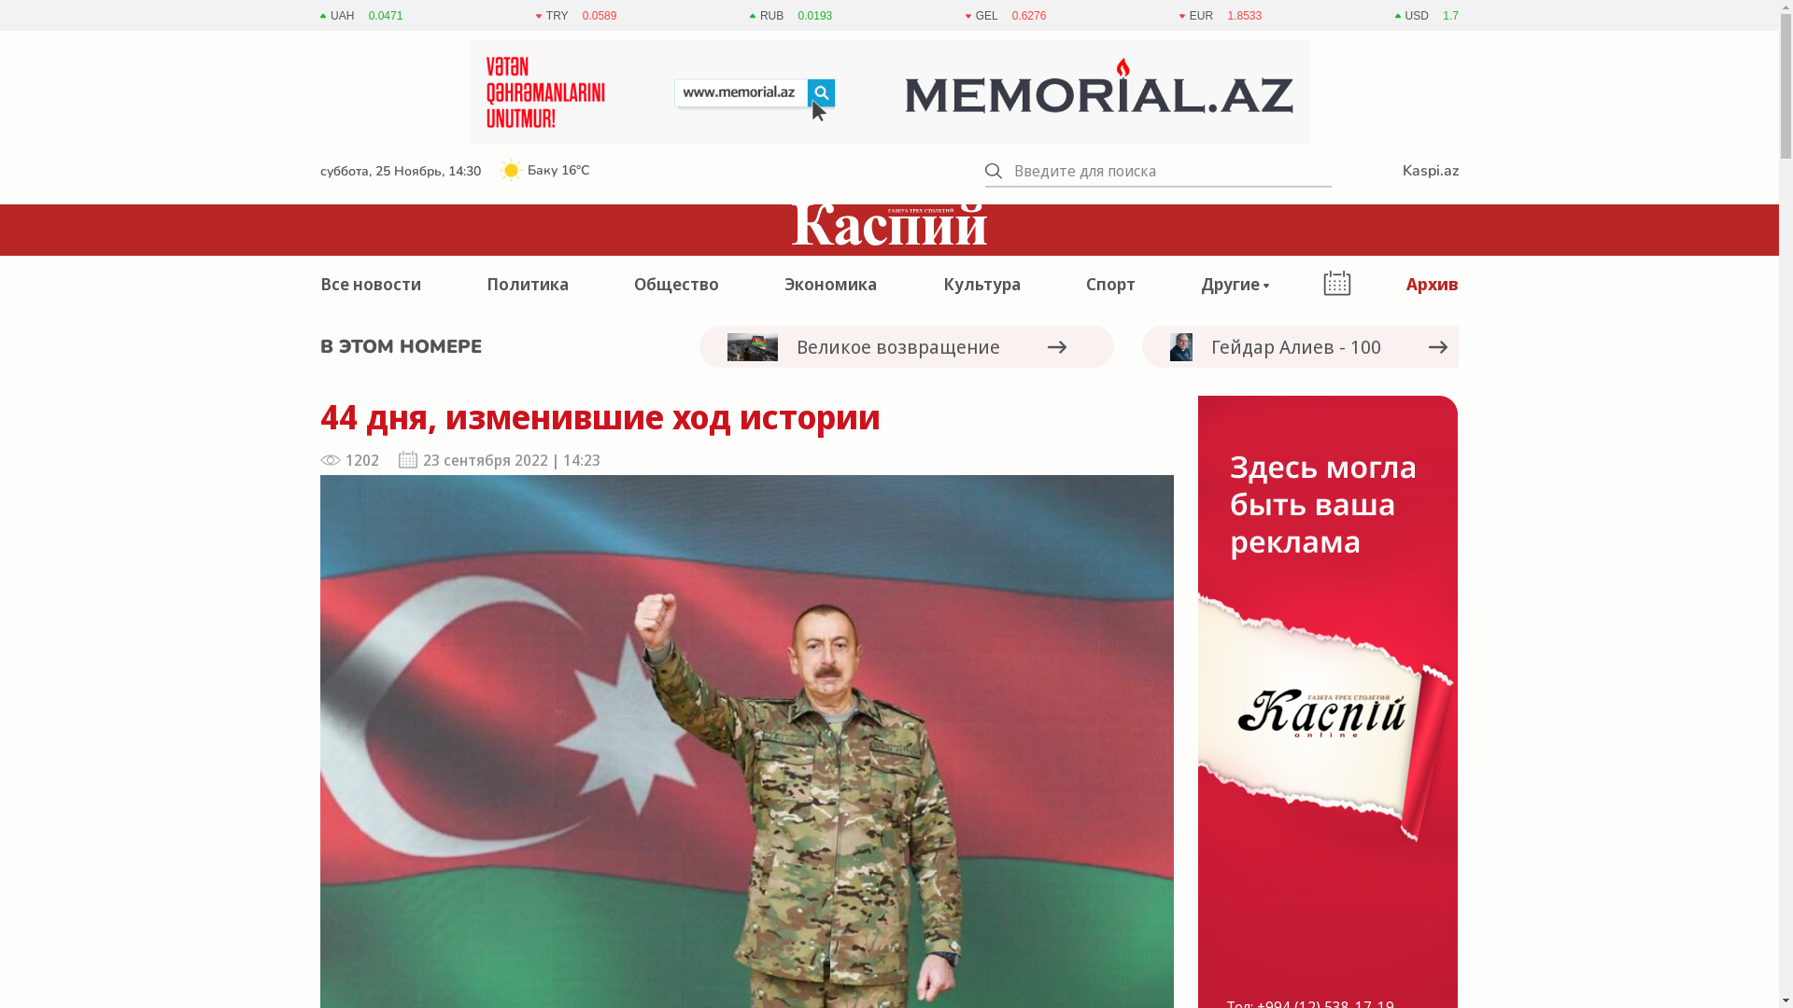 This screenshot has width=1793, height=1008. Describe the element at coordinates (1421, 170) in the screenshot. I see `'Kaspi.az'` at that location.